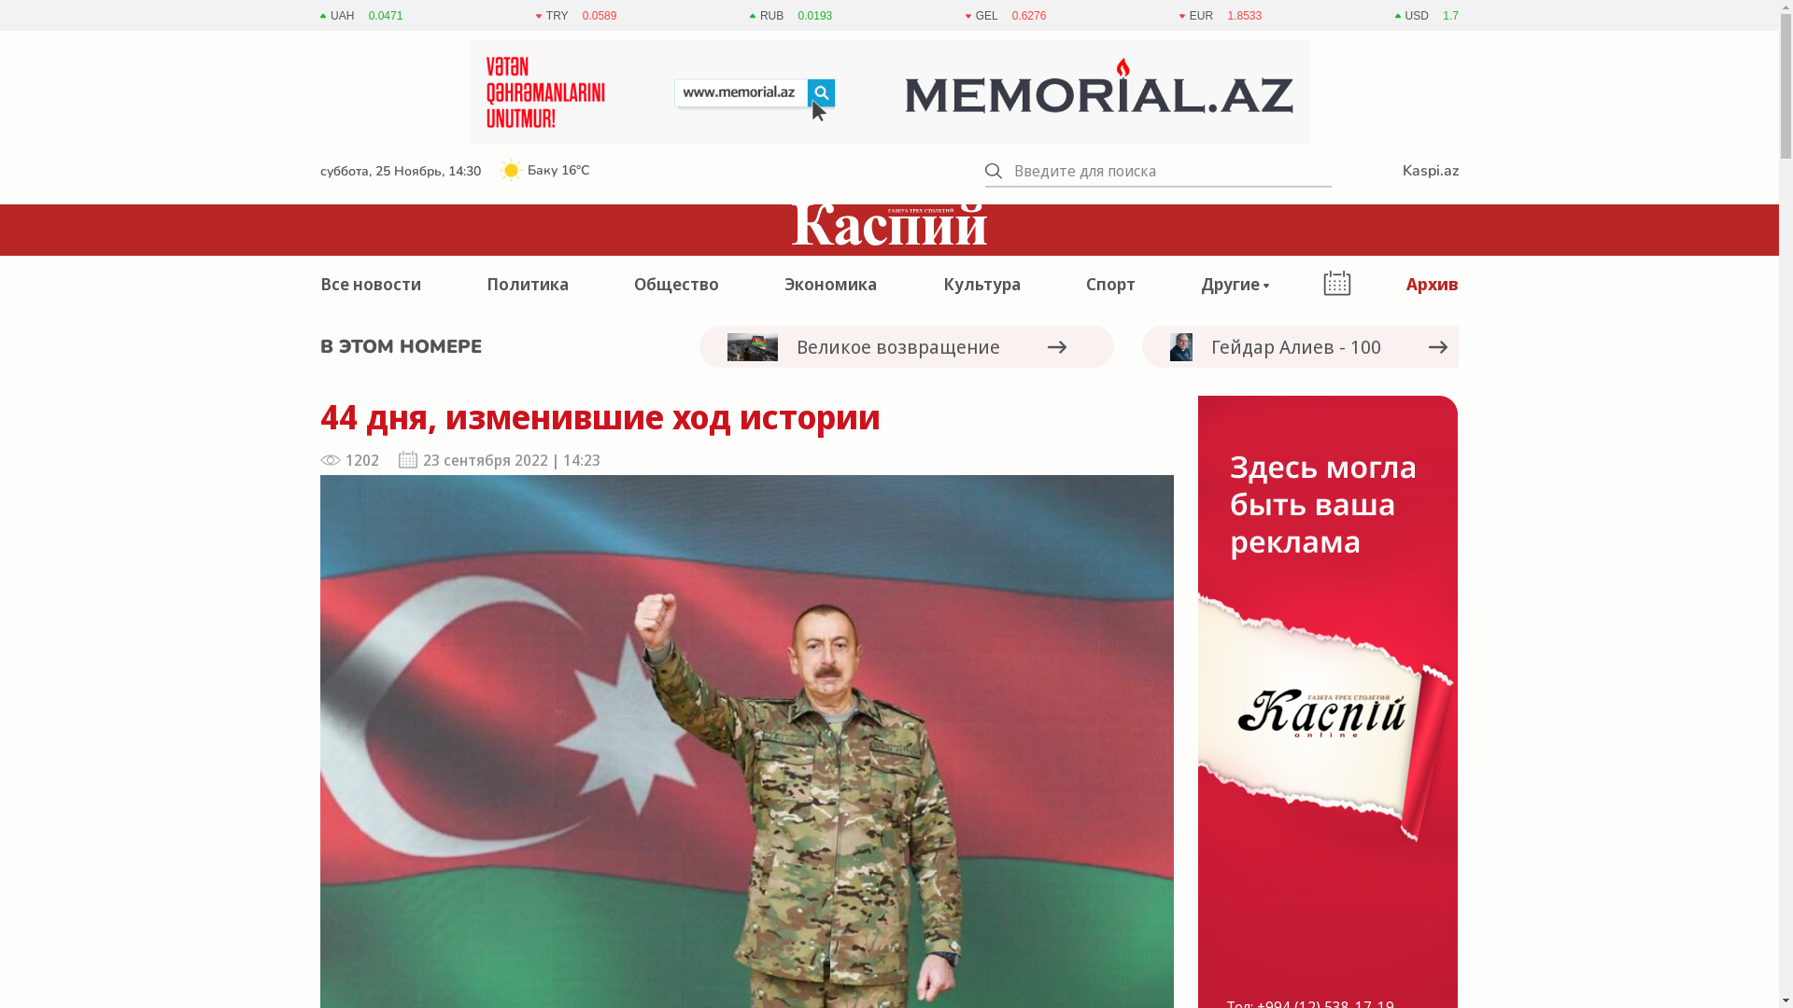 This screenshot has width=1793, height=1008. Describe the element at coordinates (1421, 170) in the screenshot. I see `'Kaspi.az'` at that location.